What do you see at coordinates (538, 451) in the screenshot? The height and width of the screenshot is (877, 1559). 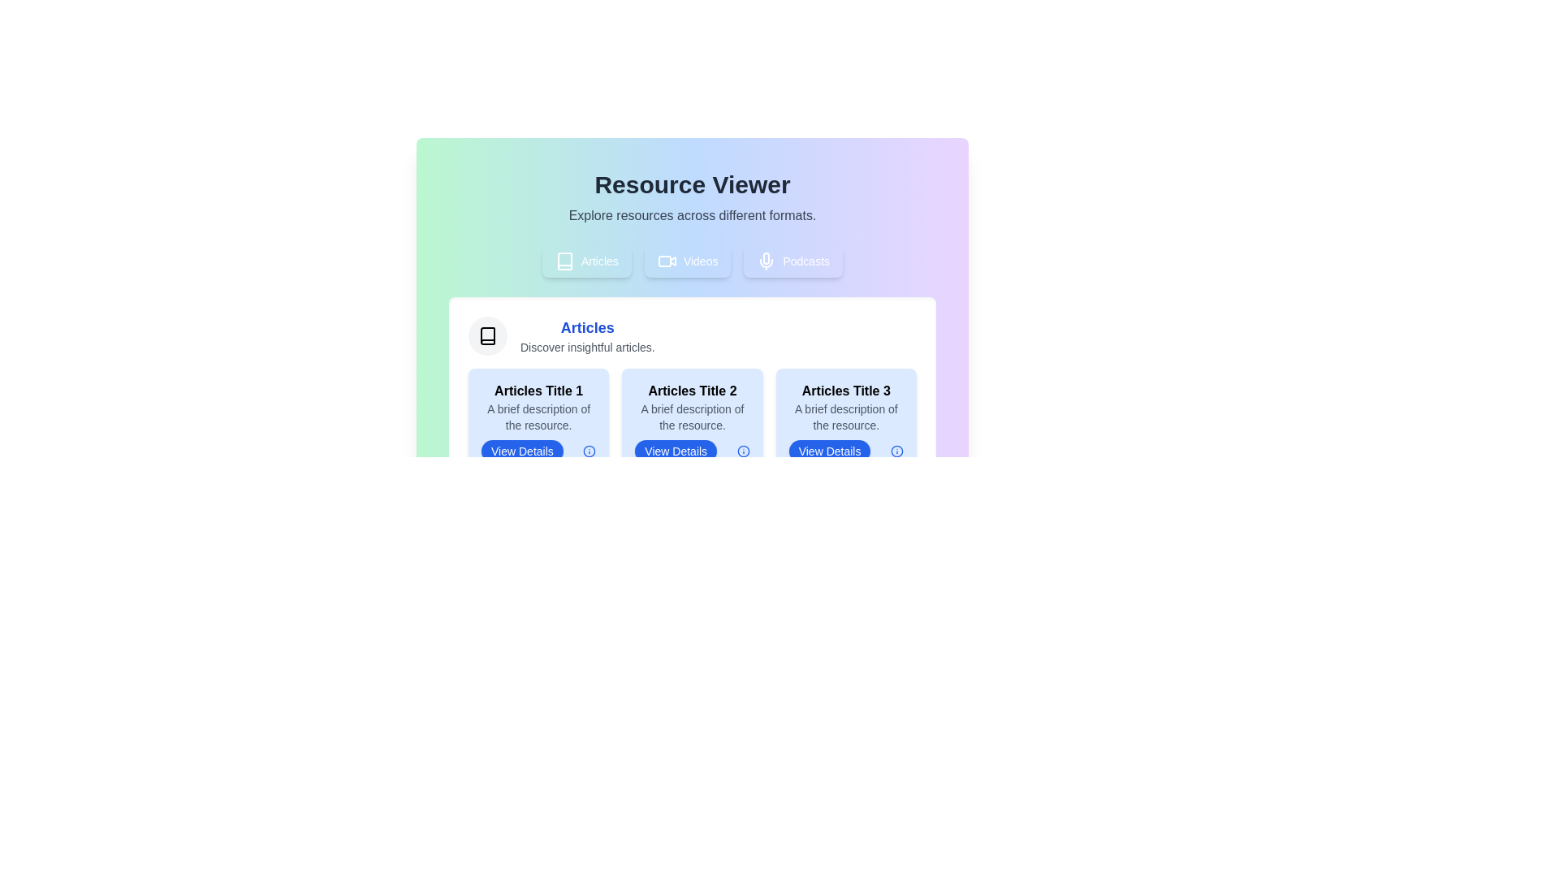 I see `the button at the bottom of the first card containing 'Articles Title 1'` at bounding box center [538, 451].